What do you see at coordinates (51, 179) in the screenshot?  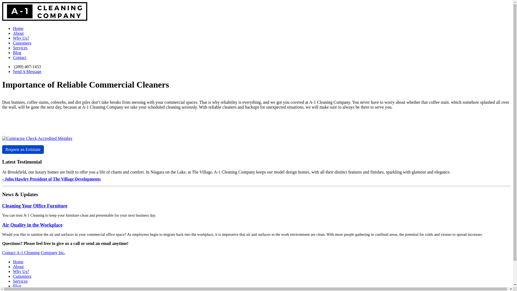 I see `'- John Hawley President of The Village Developments'` at bounding box center [51, 179].